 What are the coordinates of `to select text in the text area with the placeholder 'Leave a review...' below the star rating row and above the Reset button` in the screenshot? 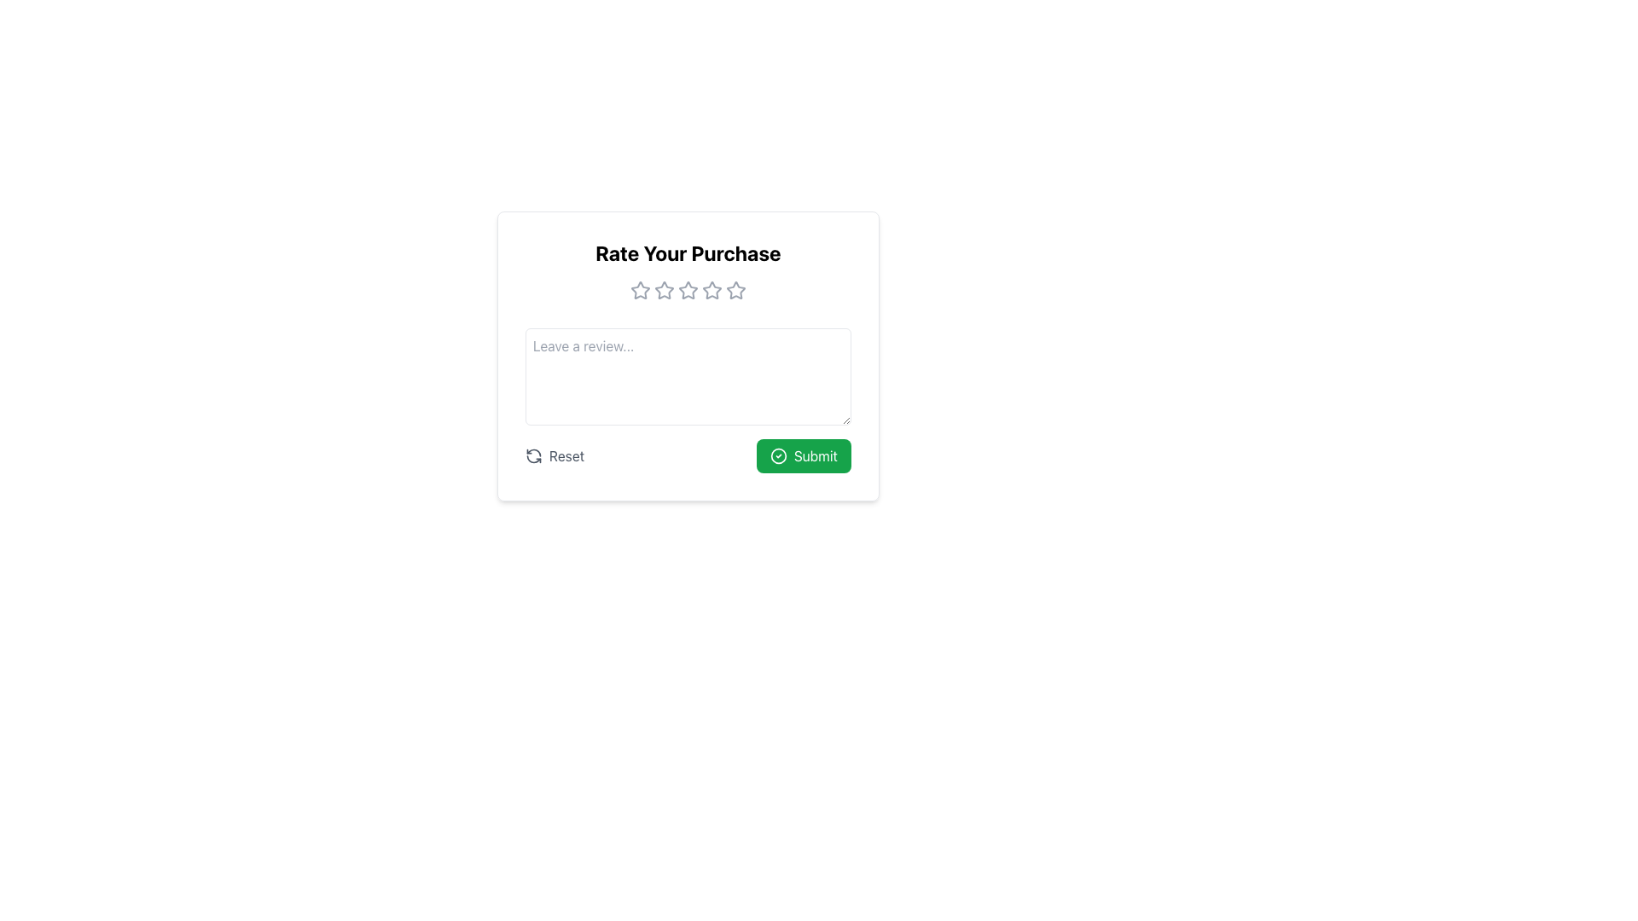 It's located at (688, 376).